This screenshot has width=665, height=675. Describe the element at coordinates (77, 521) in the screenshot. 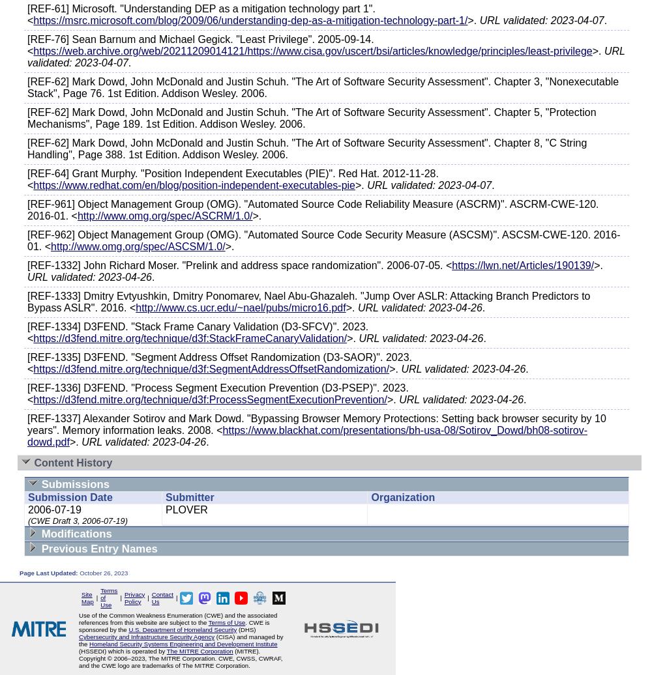

I see `'(CWE Draft 3, 2006-07-19)'` at that location.